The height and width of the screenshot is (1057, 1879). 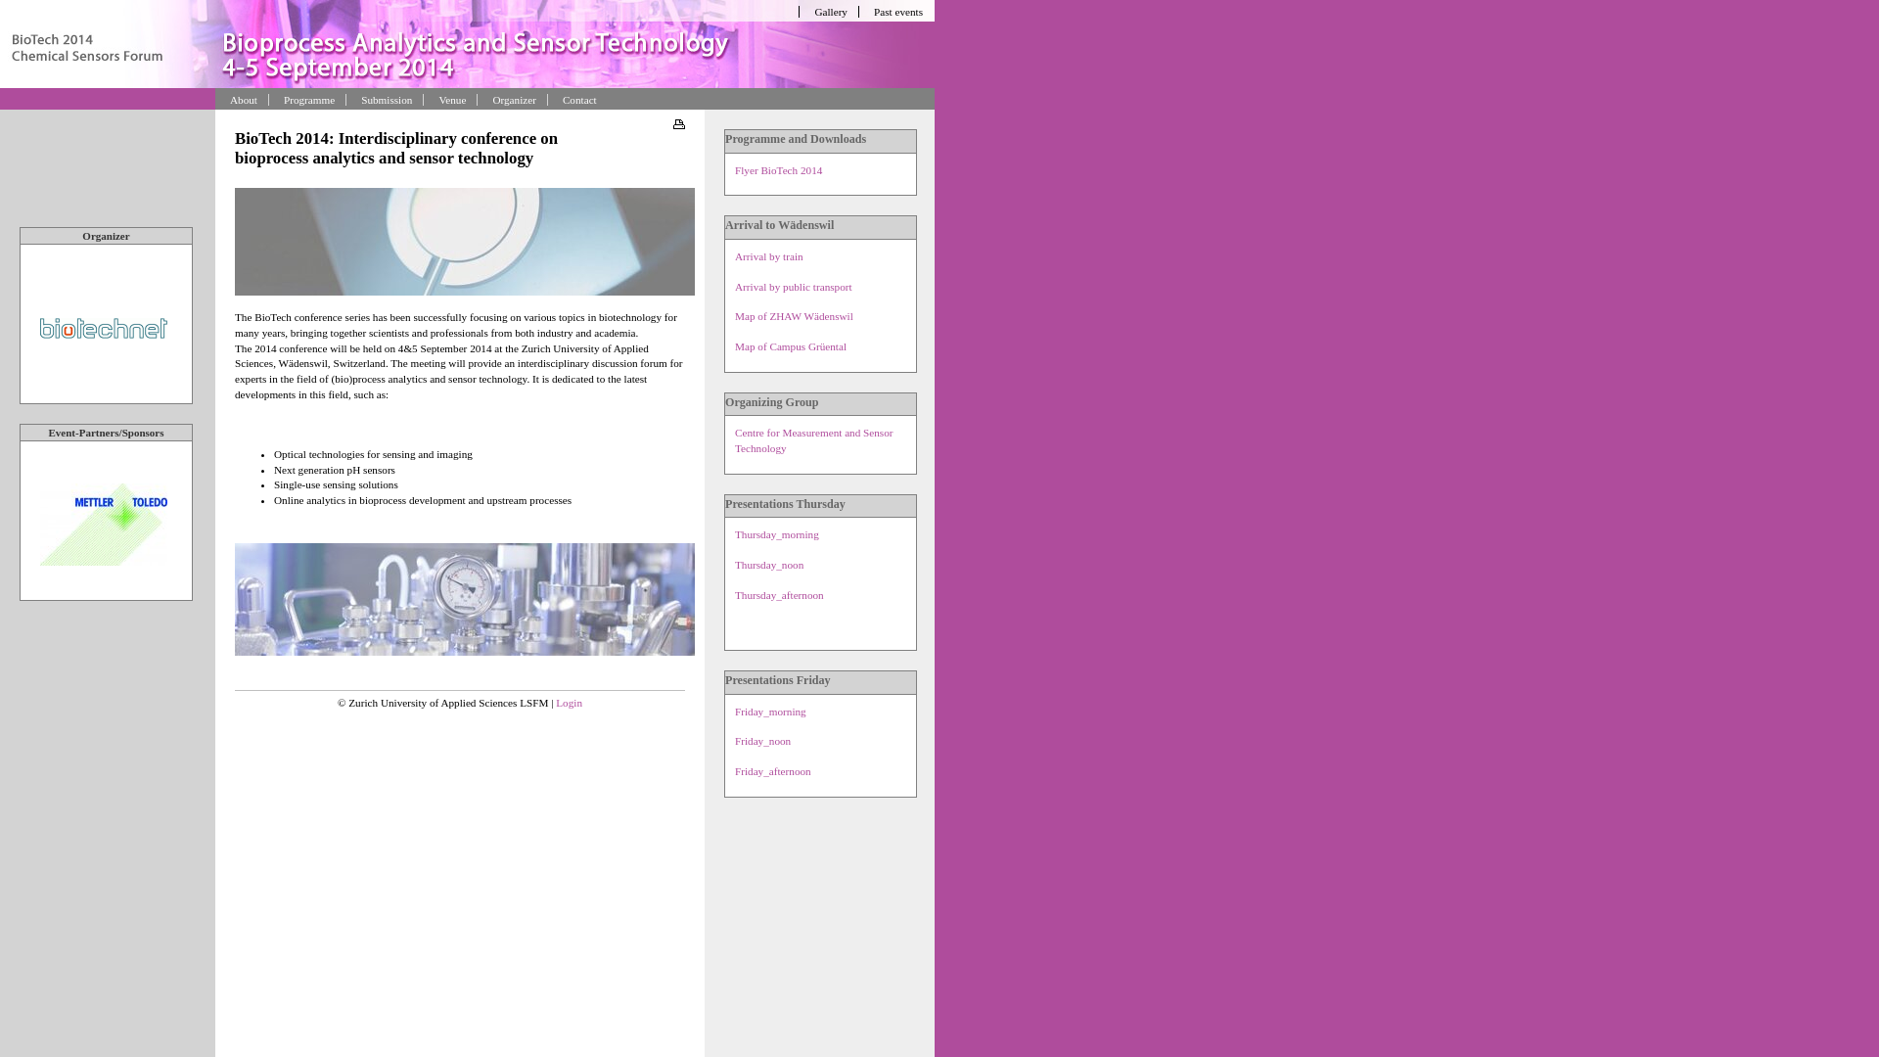 I want to click on 'Programme', so click(x=266, y=99).